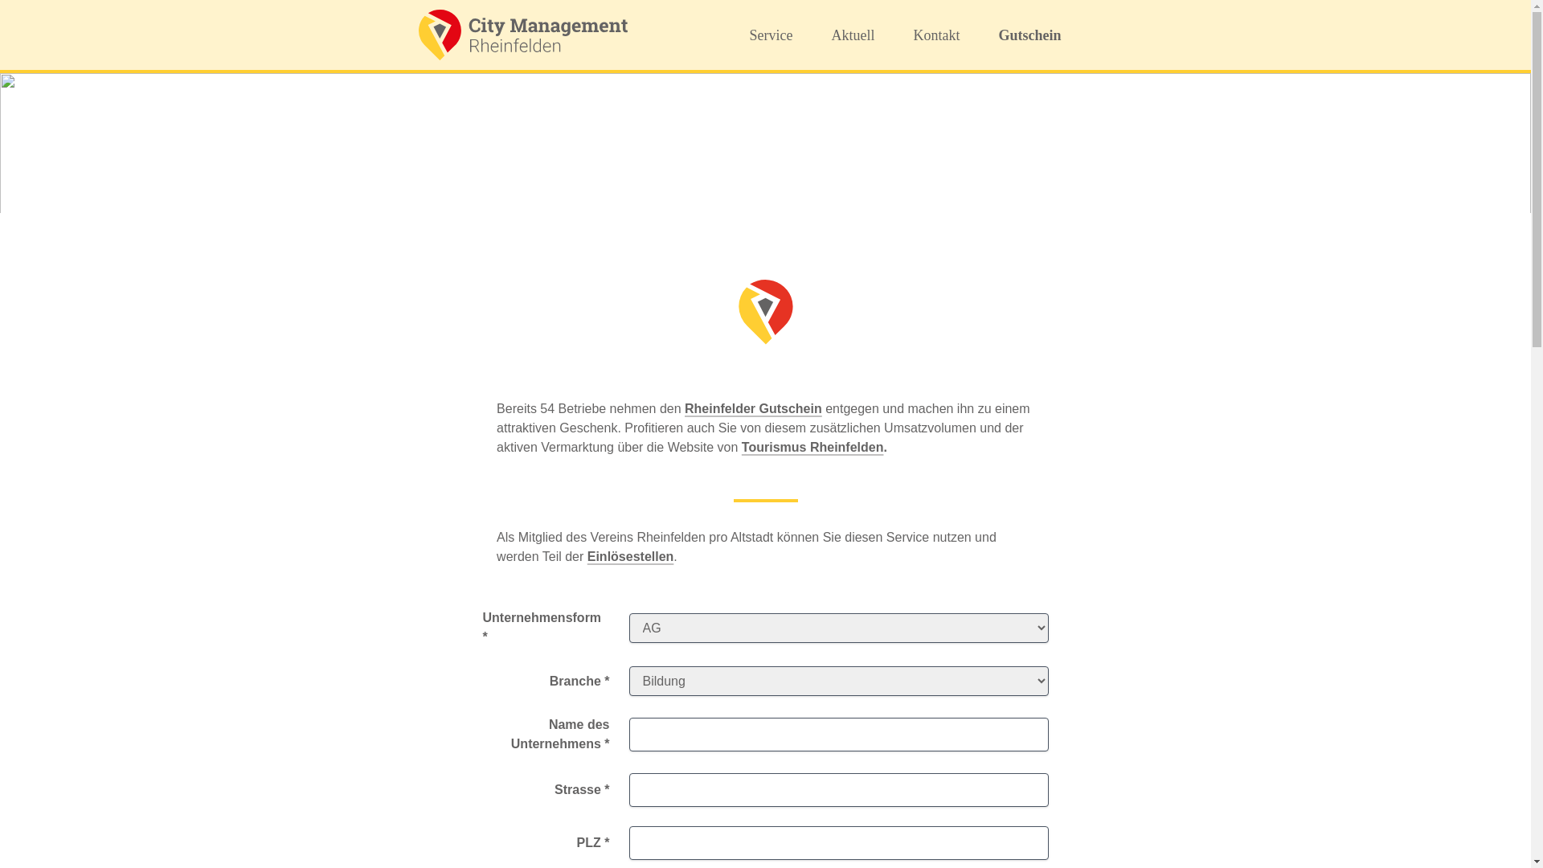 The width and height of the screenshot is (1543, 868). What do you see at coordinates (812, 447) in the screenshot?
I see `'Tourismus Rheinfelden'` at bounding box center [812, 447].